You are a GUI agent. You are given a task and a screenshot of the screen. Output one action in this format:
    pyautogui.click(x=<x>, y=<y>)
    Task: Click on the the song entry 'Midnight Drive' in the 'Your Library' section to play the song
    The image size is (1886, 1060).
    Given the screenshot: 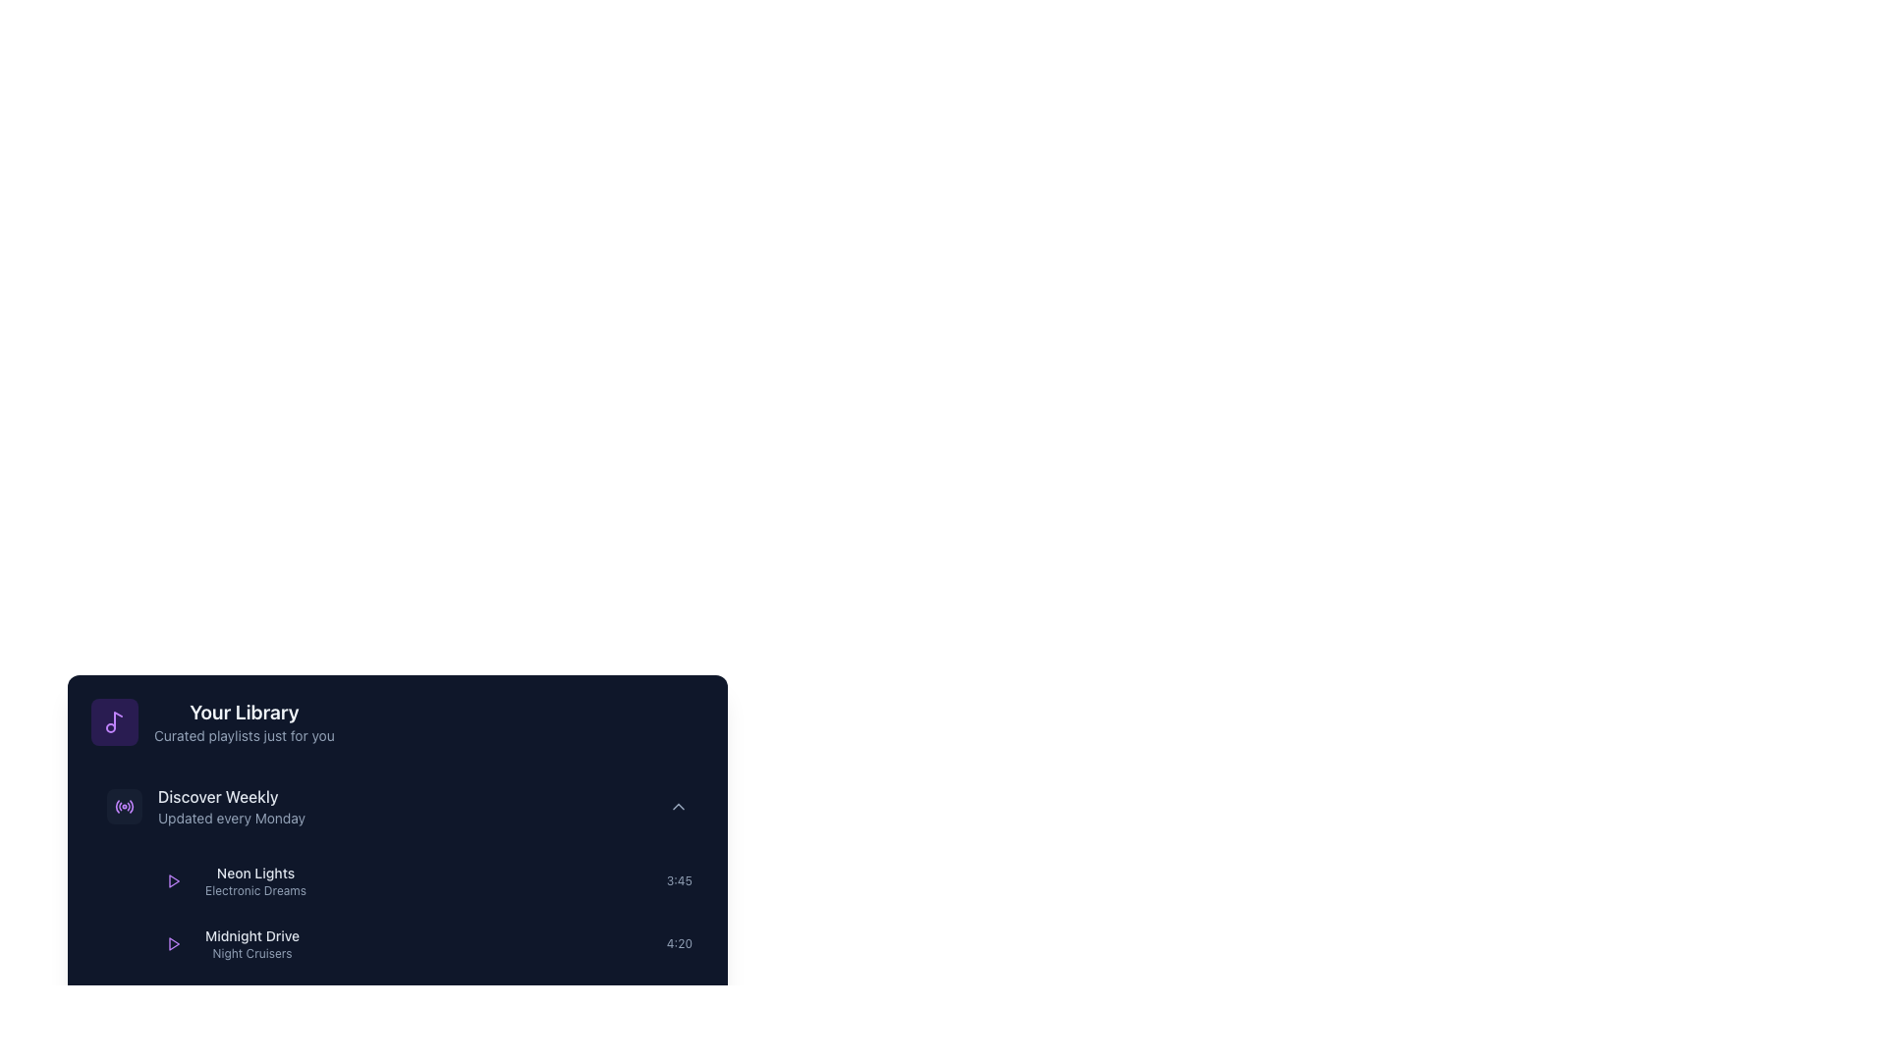 What is the action you would take?
    pyautogui.click(x=423, y=942)
    